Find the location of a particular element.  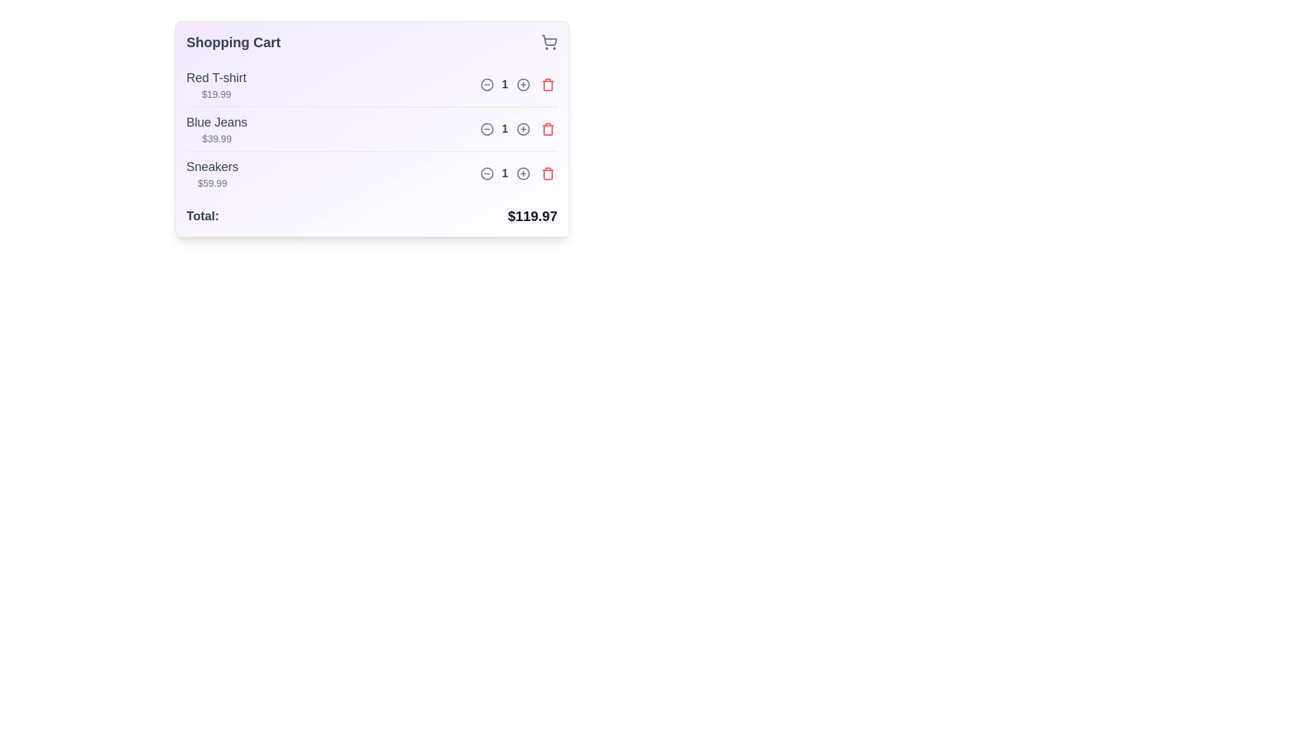

the quantity decrement button, which is a circular icon with a minus symbol ('-') inside, located in the second row of the shopping cart for the 'Blue Jeans' product is located at coordinates (487, 129).